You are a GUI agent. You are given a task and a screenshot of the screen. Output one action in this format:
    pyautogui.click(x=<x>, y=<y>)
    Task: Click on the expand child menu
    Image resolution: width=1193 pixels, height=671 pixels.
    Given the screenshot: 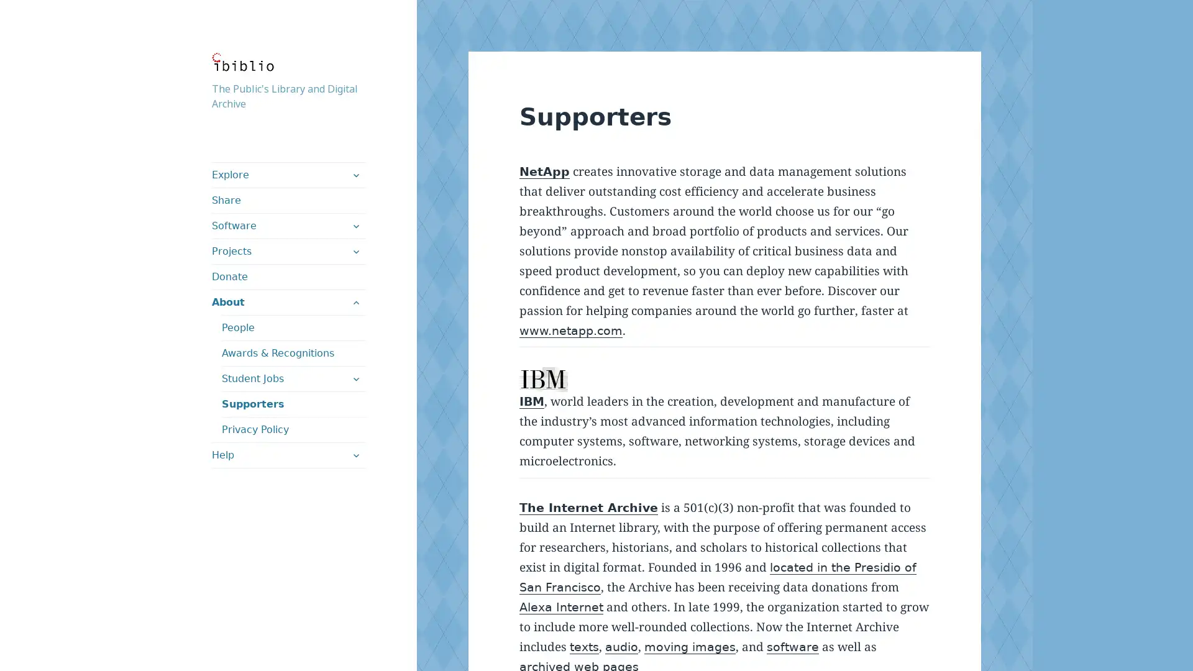 What is the action you would take?
    pyautogui.click(x=354, y=302)
    